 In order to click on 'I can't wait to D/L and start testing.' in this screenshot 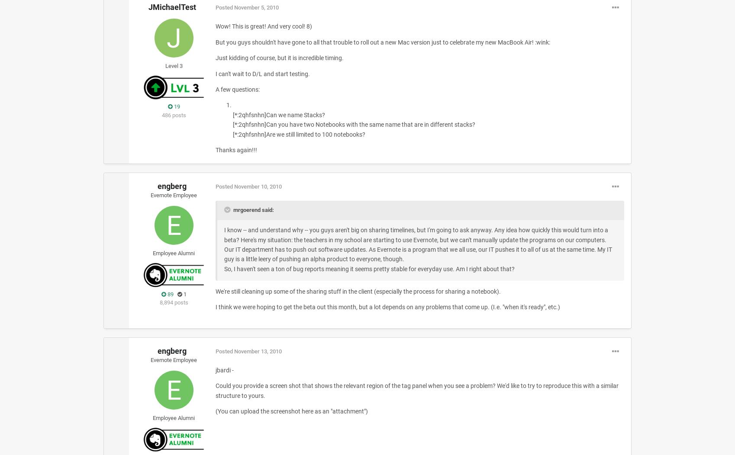, I will do `click(215, 73)`.